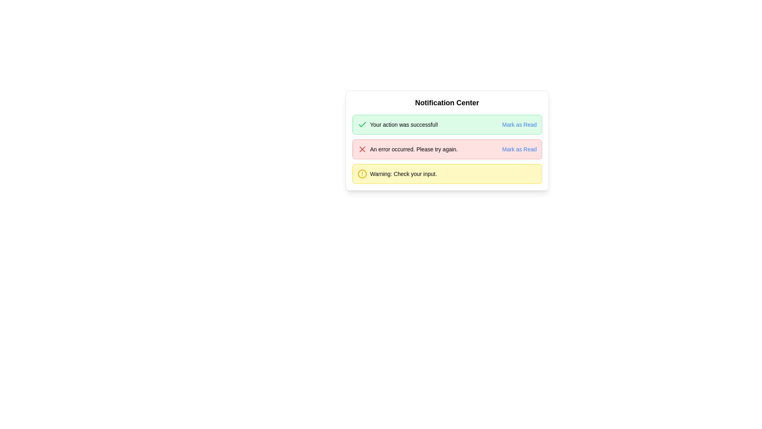 The width and height of the screenshot is (762, 429). Describe the element at coordinates (362, 174) in the screenshot. I see `the alert icon representing a general warning, which is a yellow circular outline with a vertical line and dot, located to the left of the text 'Warning: Check your input.' in the yellow notification banner` at that location.